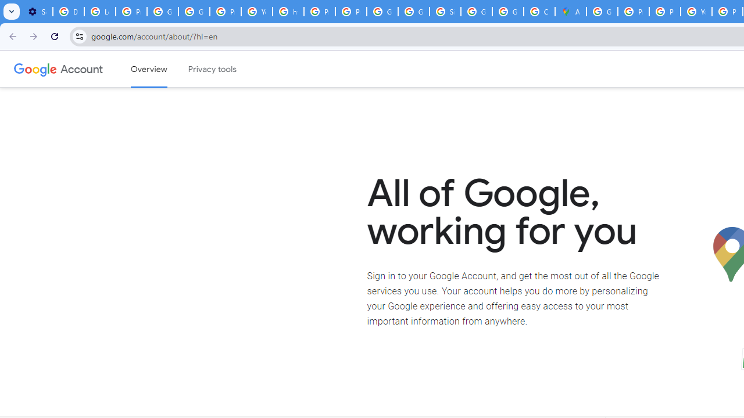  What do you see at coordinates (665, 12) in the screenshot?
I see `'Privacy Help Center - Policies Help'` at bounding box center [665, 12].